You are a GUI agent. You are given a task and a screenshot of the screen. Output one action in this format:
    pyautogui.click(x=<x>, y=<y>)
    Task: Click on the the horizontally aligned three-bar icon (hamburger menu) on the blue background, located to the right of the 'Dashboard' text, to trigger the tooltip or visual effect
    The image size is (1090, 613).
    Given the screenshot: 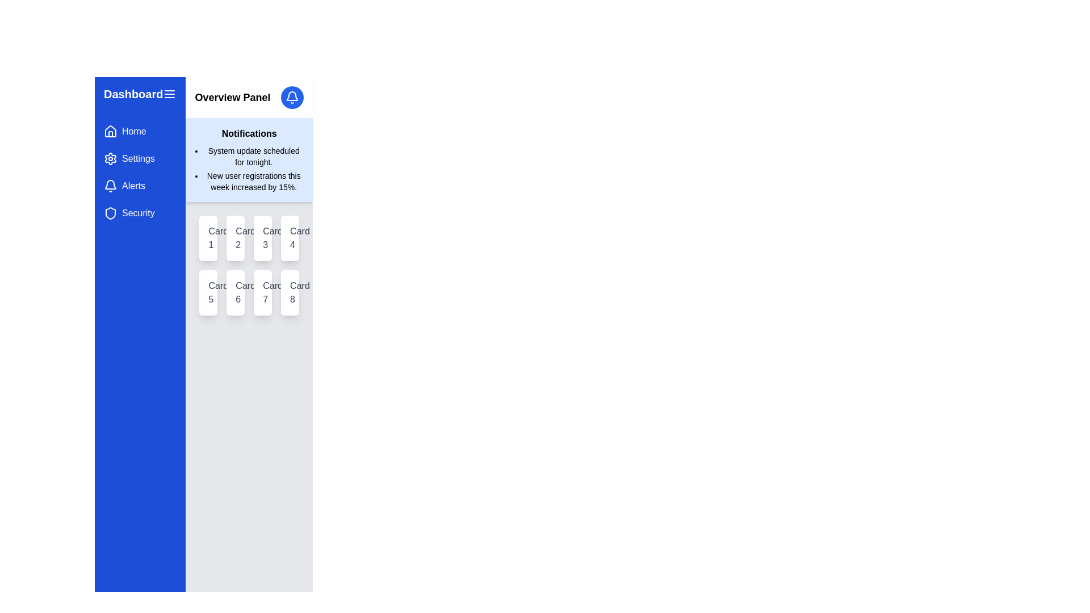 What is the action you would take?
    pyautogui.click(x=169, y=93)
    